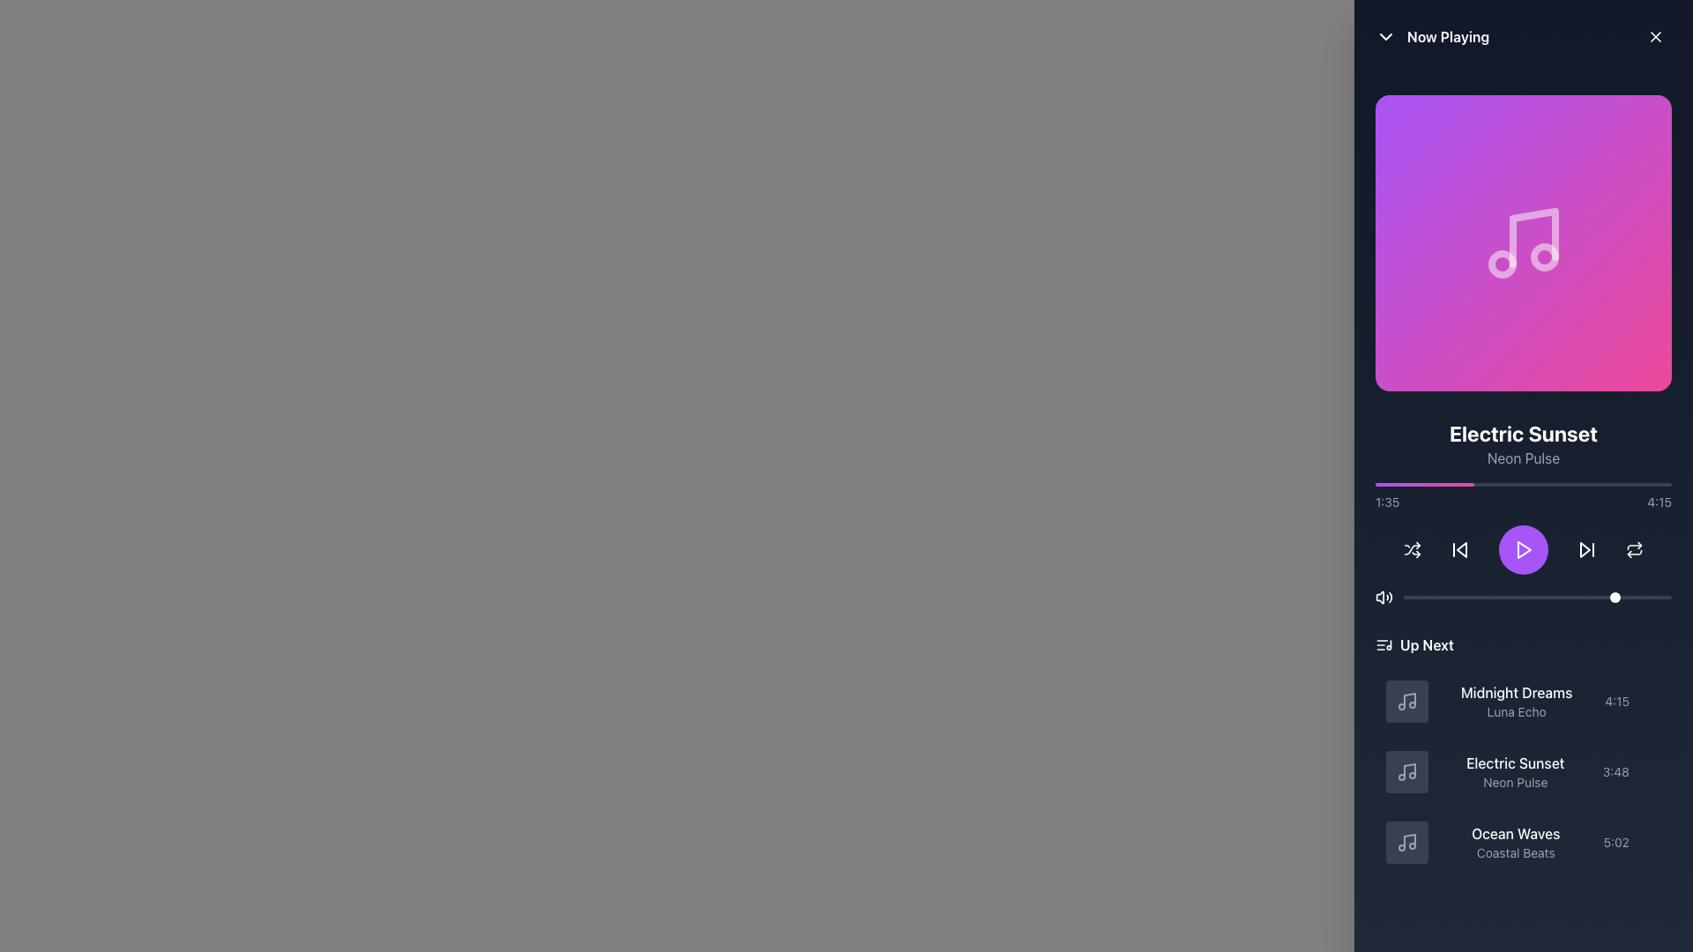  I want to click on the volume slider, so click(1580, 597).